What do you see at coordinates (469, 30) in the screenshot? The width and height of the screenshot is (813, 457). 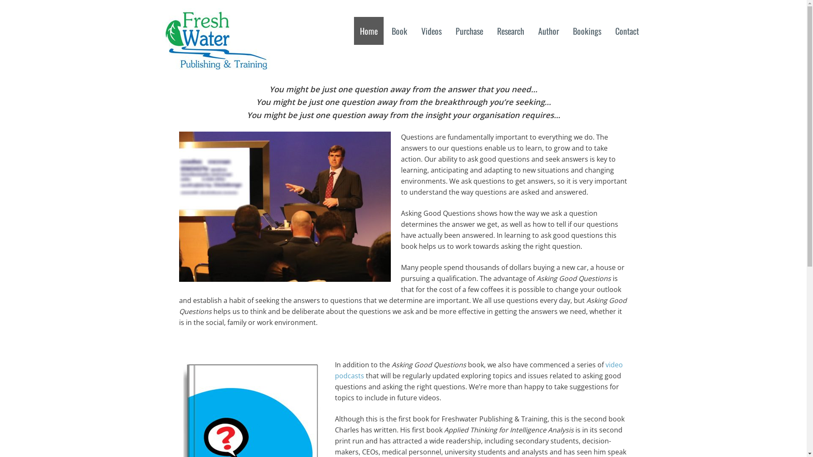 I see `'Purchase'` at bounding box center [469, 30].